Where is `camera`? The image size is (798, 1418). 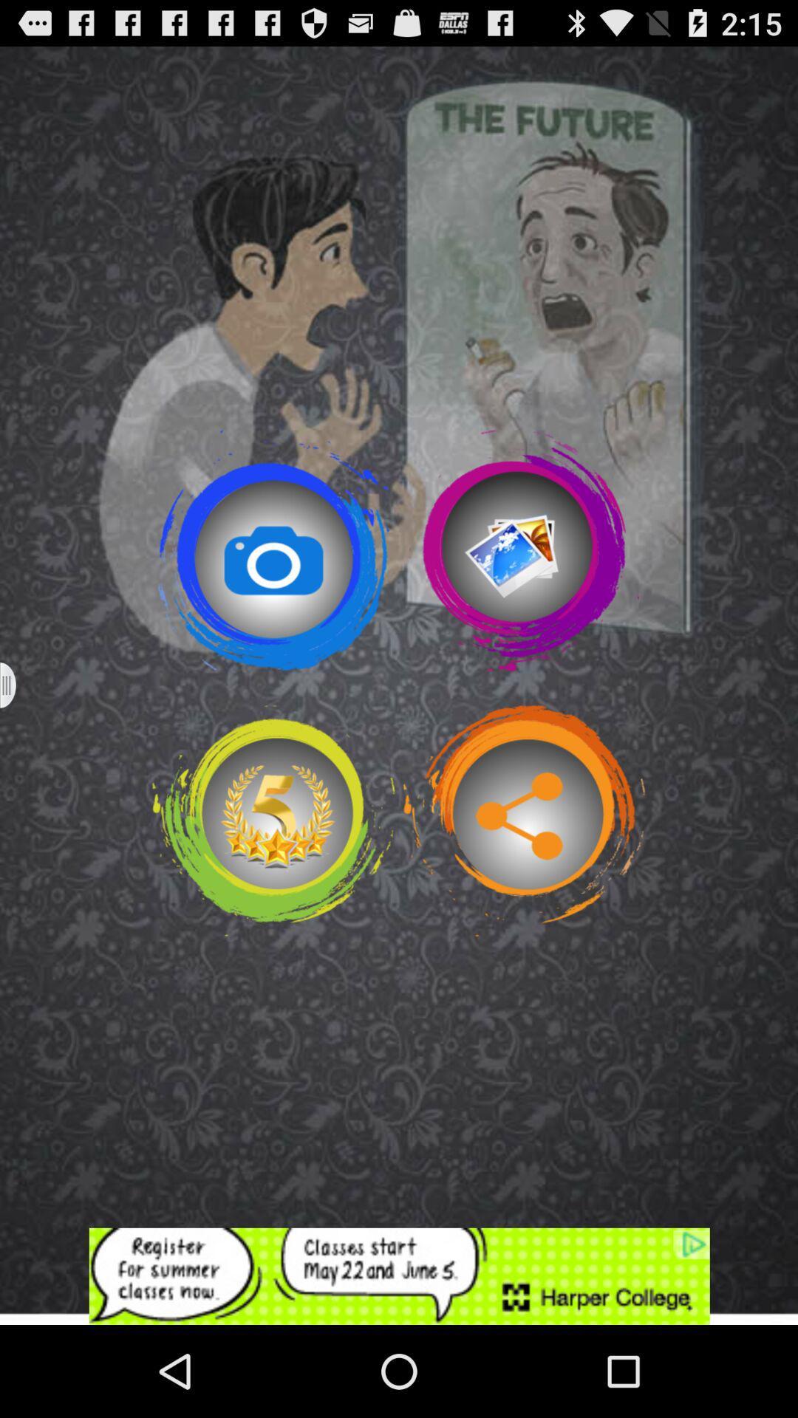 camera is located at coordinates (273, 549).